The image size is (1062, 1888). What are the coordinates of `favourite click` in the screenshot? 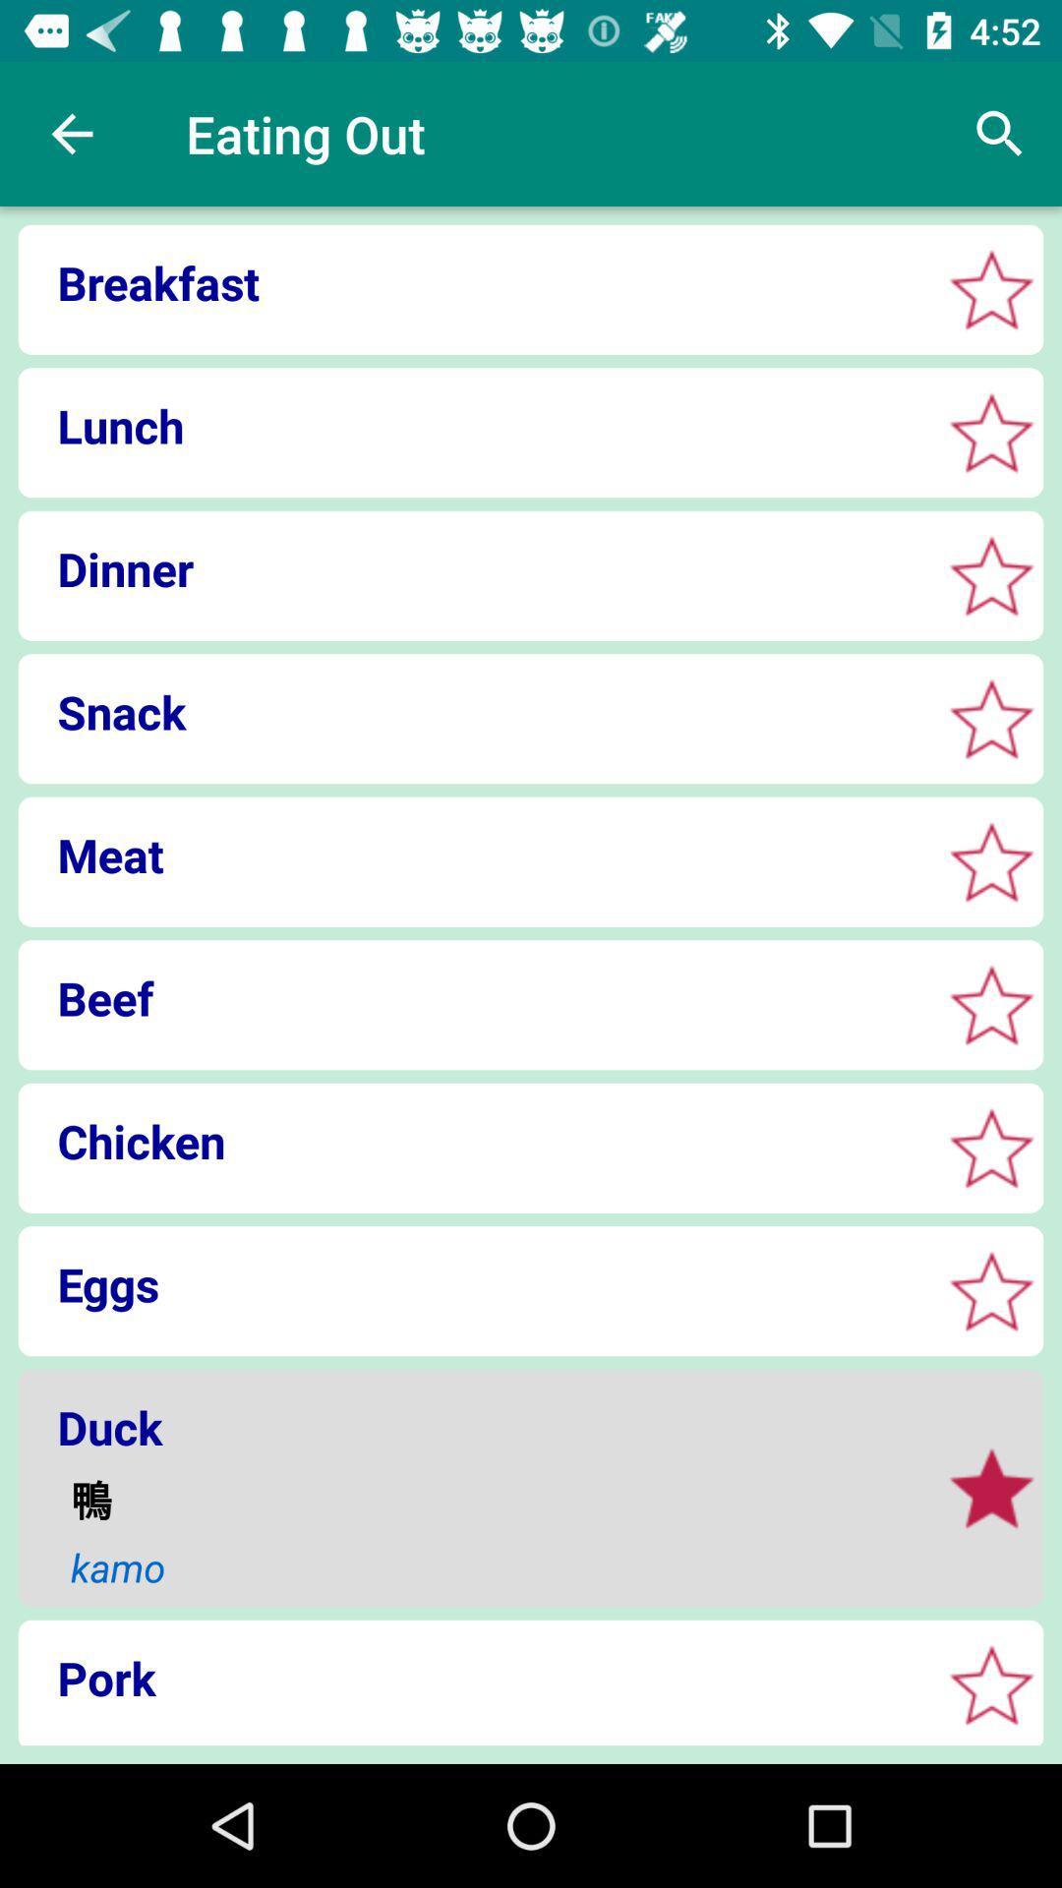 It's located at (991, 574).